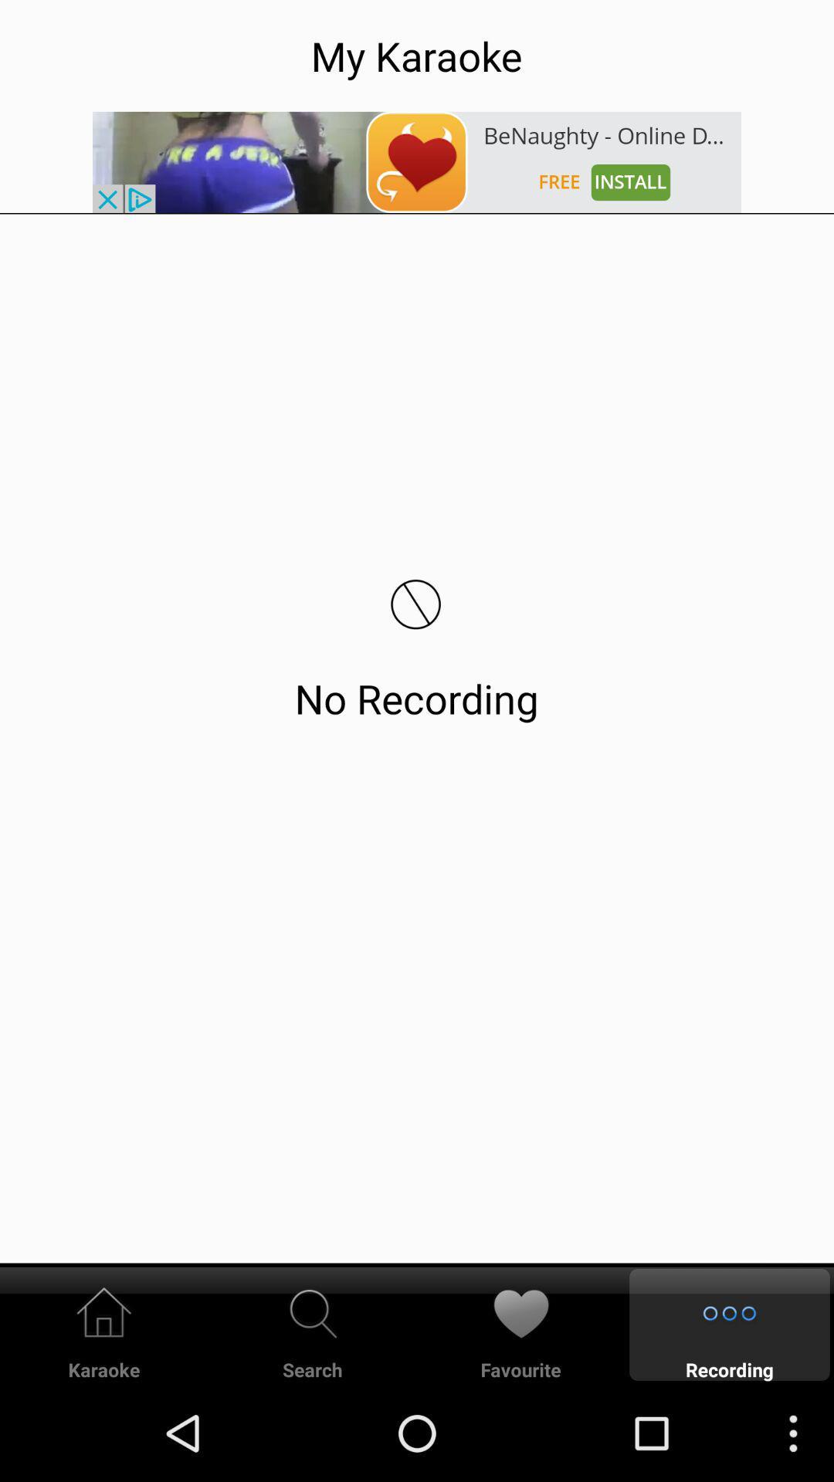  I want to click on advertisement, so click(417, 162).